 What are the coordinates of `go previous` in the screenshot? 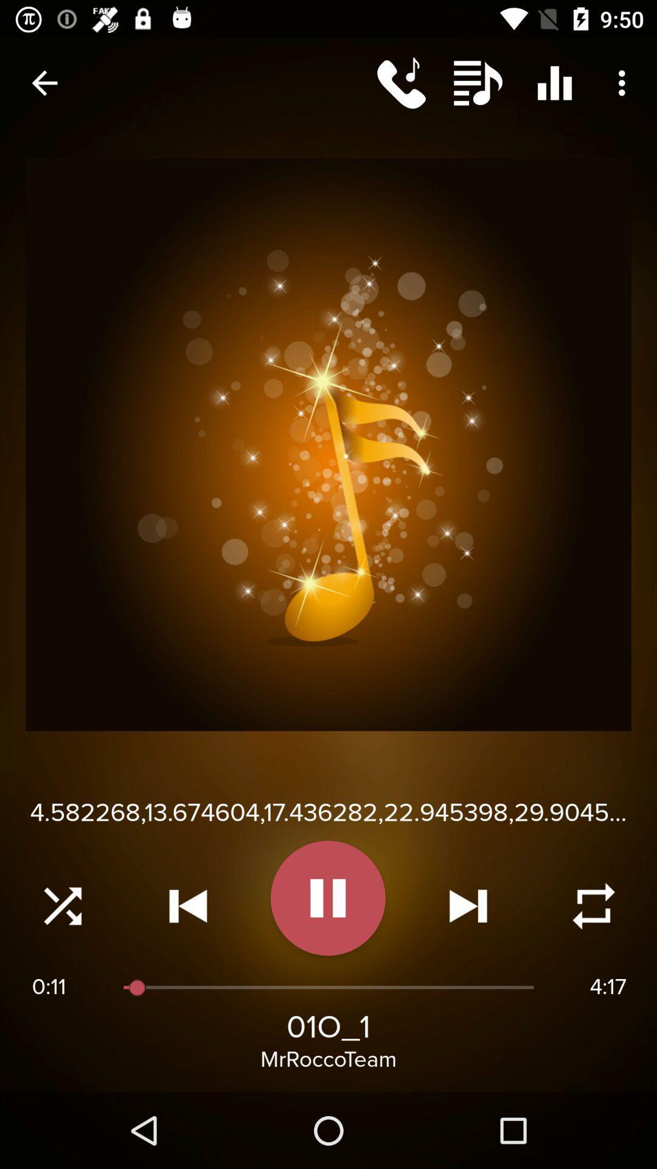 It's located at (188, 906).